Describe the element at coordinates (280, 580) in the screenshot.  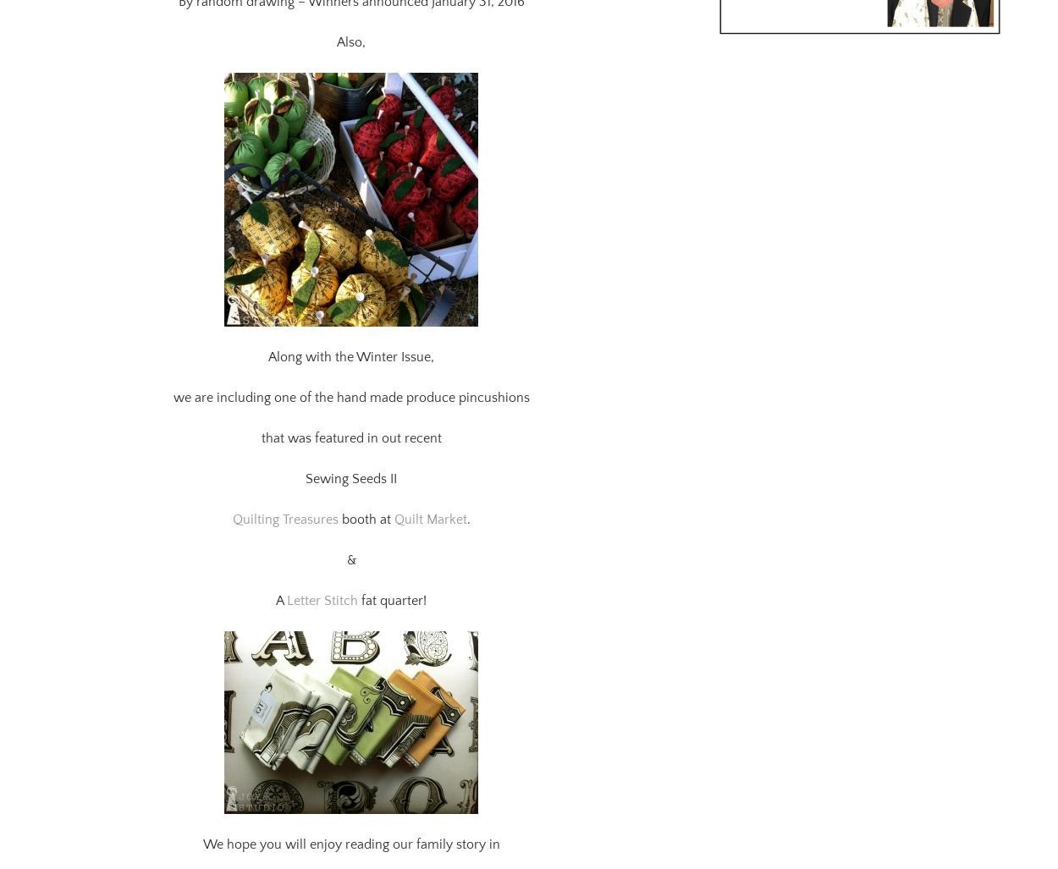
I see `'A'` at that location.